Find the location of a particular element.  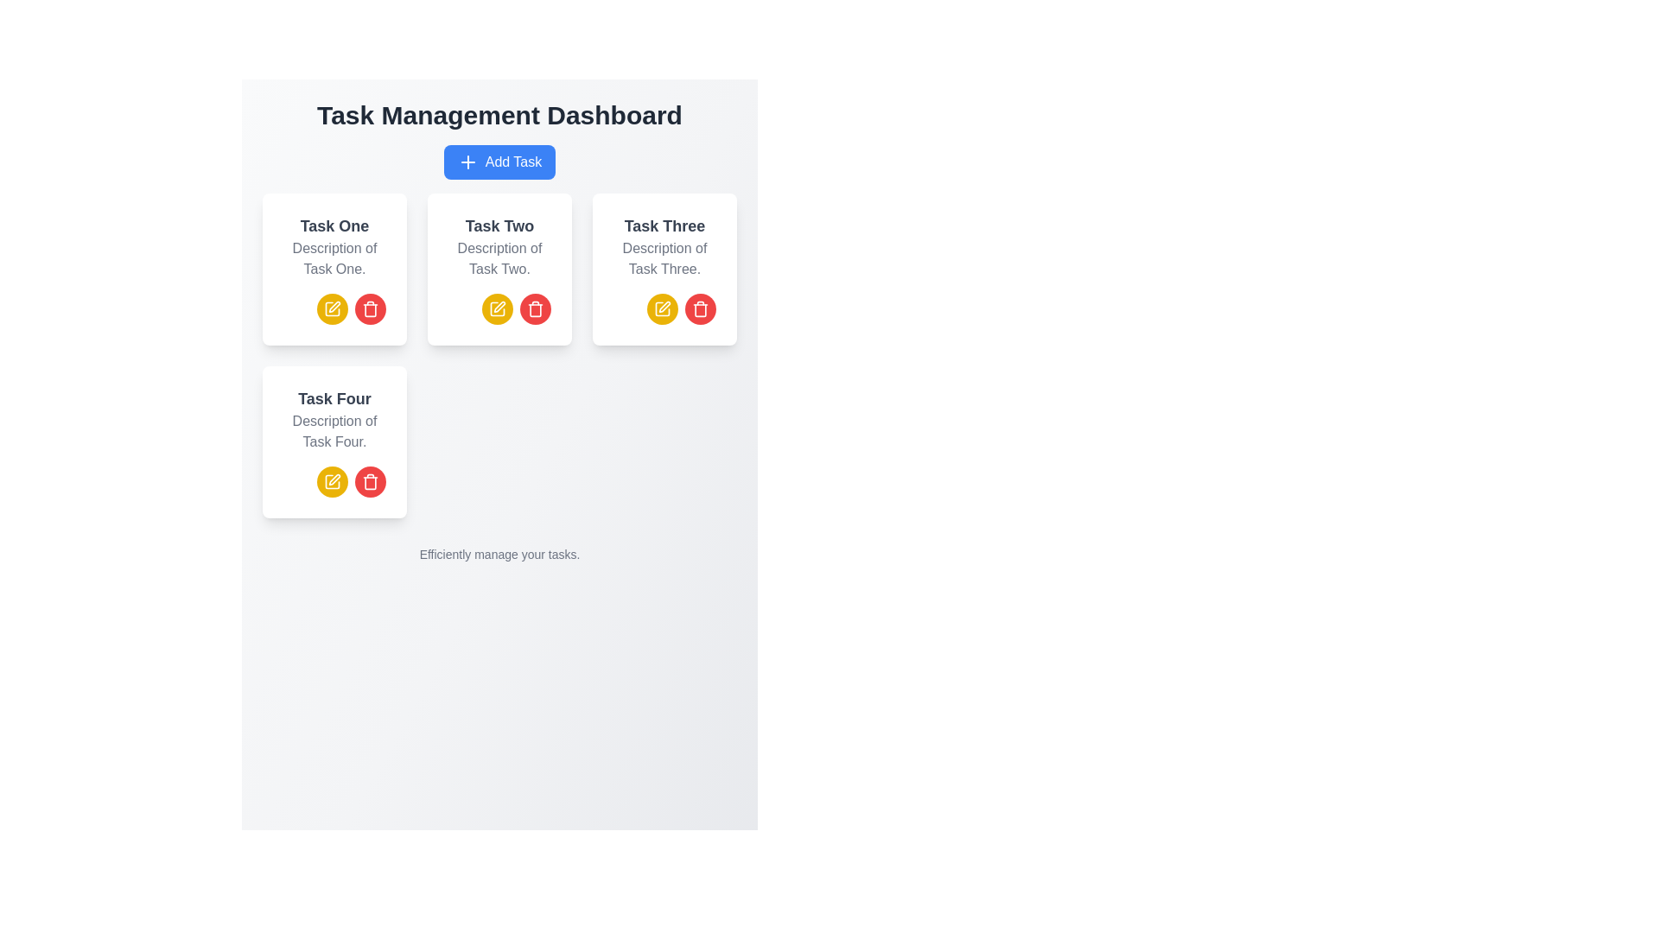

the yellow edit button with a pencil icon located in the lower section of the 'Task One' card to initiate editing the task is located at coordinates (334, 308).